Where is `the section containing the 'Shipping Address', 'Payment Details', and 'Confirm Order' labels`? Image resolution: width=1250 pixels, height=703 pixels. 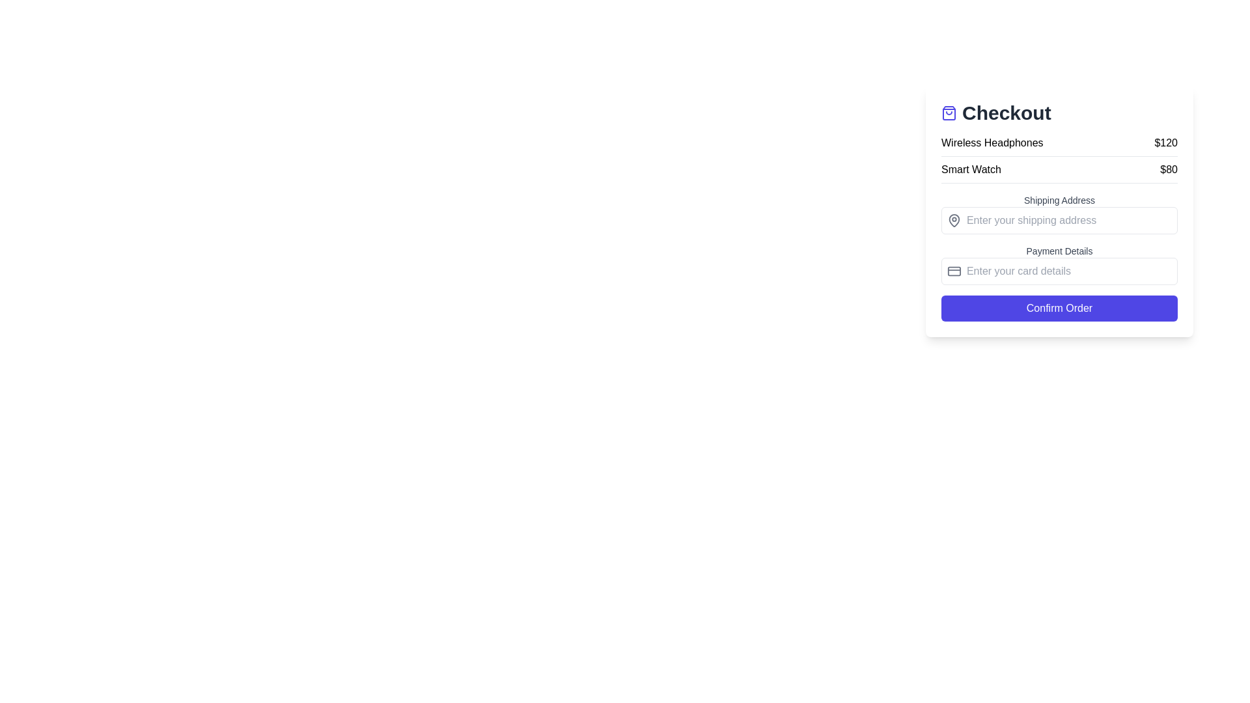 the section containing the 'Shipping Address', 'Payment Details', and 'Confirm Order' labels is located at coordinates (1059, 258).